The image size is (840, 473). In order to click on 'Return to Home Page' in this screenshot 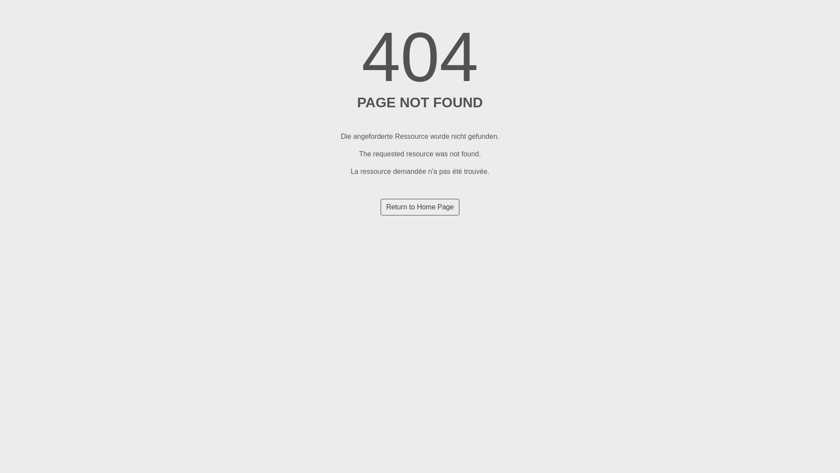, I will do `click(380, 207)`.